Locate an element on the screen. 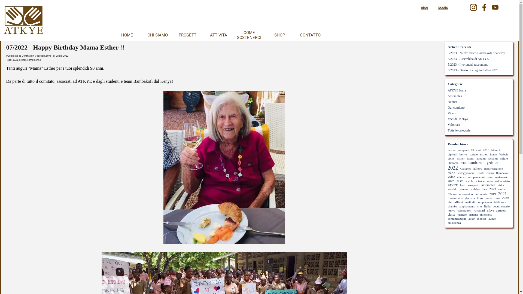  'COME SOSTENERCI' is located at coordinates (248, 35).